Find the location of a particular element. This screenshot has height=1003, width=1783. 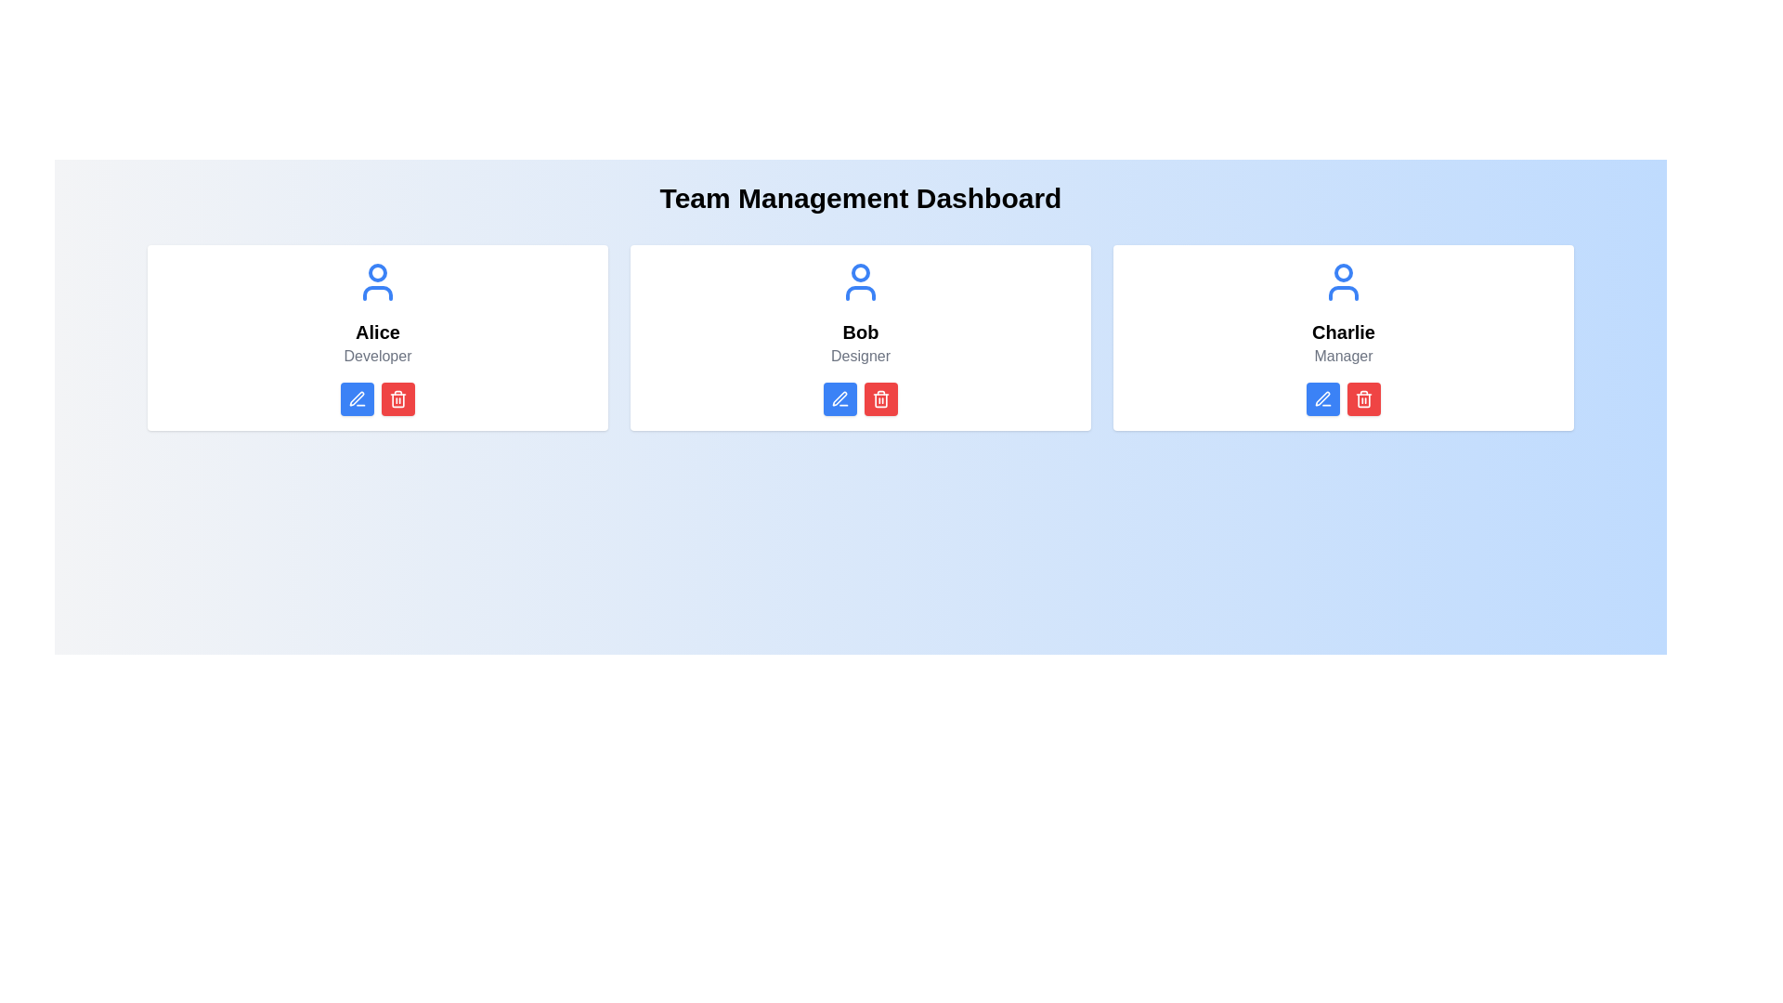

the blue button containing the pen icon, which is located beneath the text block displaying 'Bob' and 'Designer' in the middle card of the three cards is located at coordinates (839, 397).